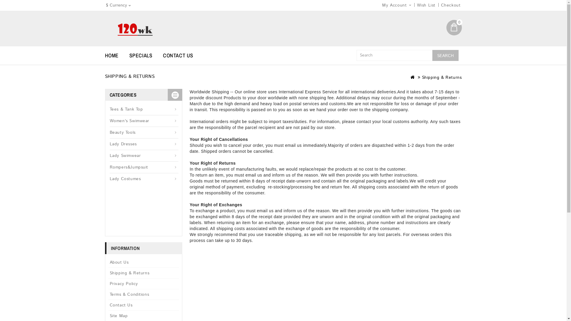 This screenshot has width=571, height=321. I want to click on '0', so click(454, 27).